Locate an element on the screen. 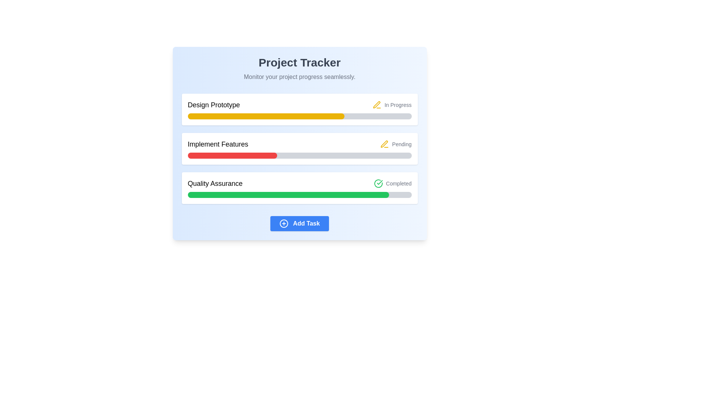  the progress bar is located at coordinates (340, 116).